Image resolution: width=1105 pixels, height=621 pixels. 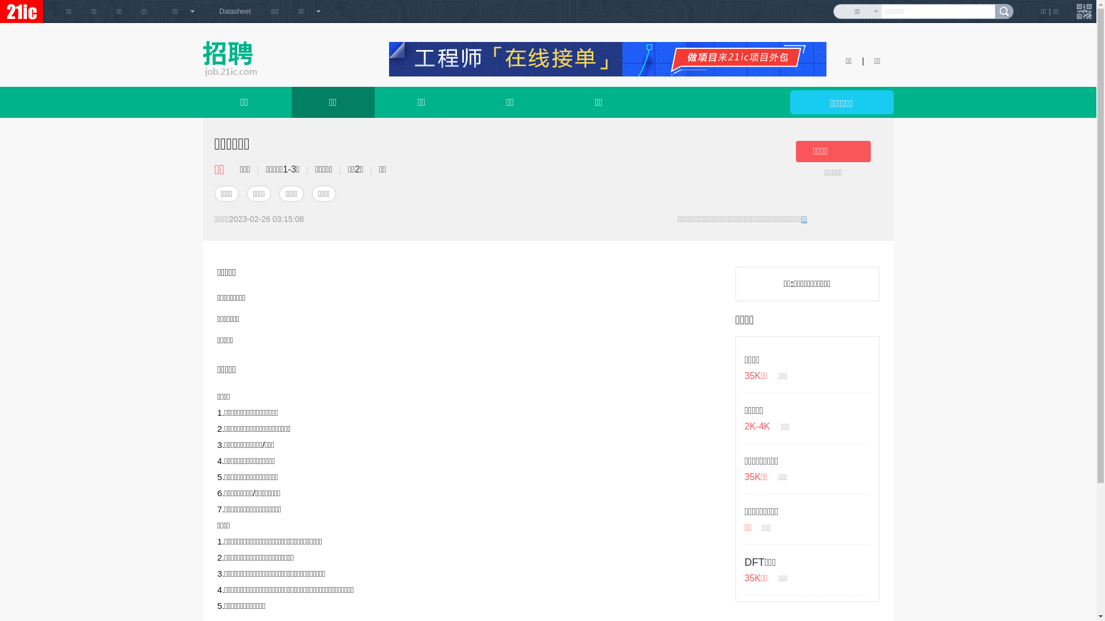 I want to click on 'Datasheet', so click(x=234, y=11).